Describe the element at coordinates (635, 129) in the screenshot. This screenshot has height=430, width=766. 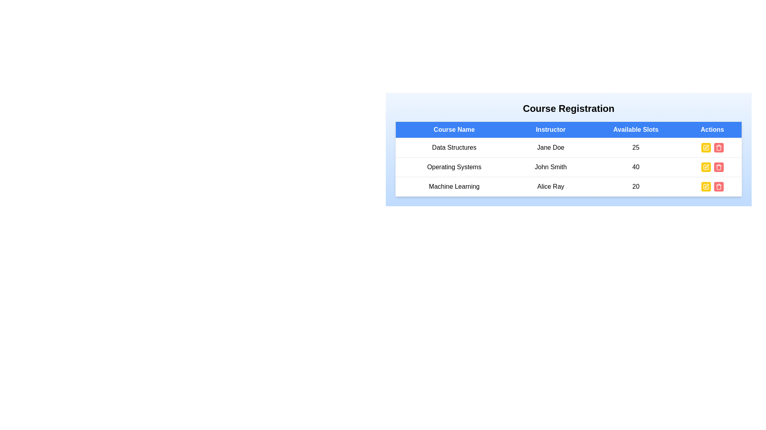
I see `the header column 'Available Slots' to sort the table by that column` at that location.